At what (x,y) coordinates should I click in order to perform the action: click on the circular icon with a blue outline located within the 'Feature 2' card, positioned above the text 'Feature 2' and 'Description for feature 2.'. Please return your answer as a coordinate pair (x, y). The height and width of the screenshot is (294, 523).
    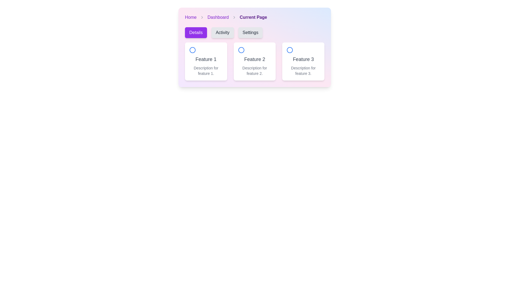
    Looking at the image, I should click on (241, 50).